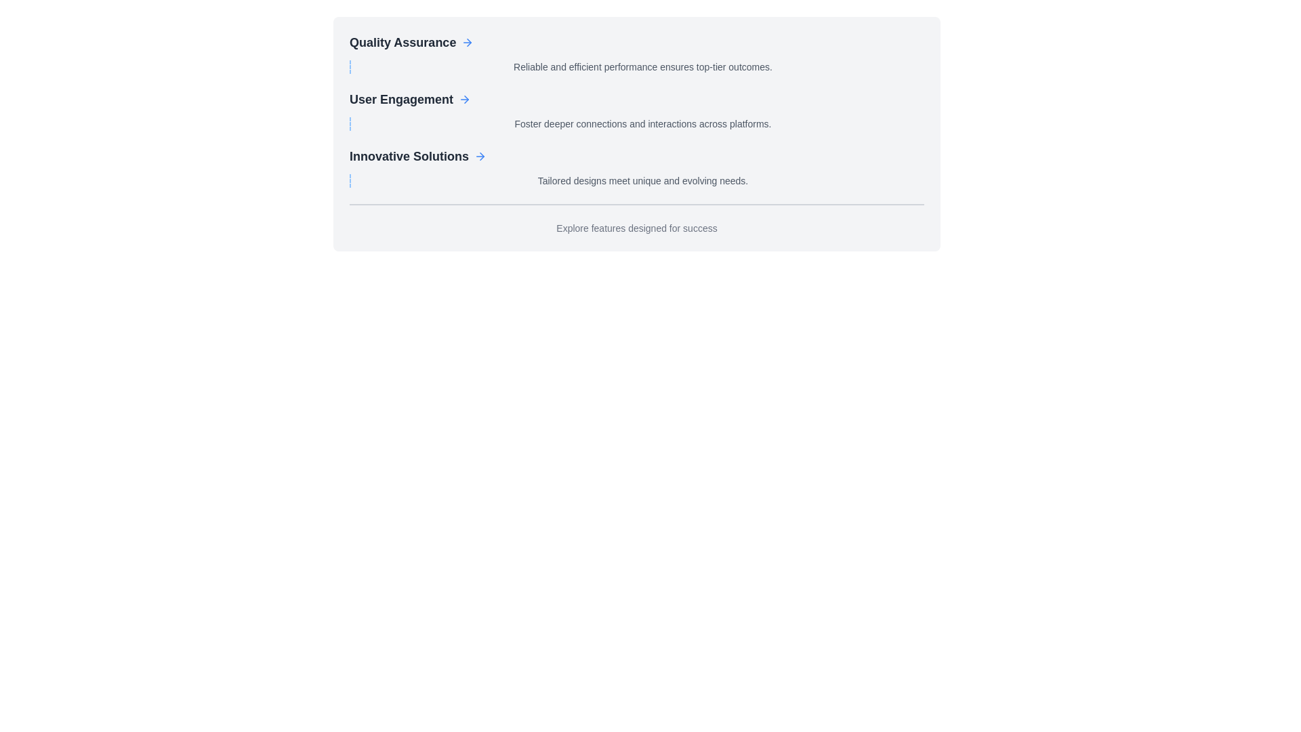  What do you see at coordinates (465, 98) in the screenshot?
I see `the rightward-pointing blue arrow icon located to the right of the 'User Engagement' text` at bounding box center [465, 98].